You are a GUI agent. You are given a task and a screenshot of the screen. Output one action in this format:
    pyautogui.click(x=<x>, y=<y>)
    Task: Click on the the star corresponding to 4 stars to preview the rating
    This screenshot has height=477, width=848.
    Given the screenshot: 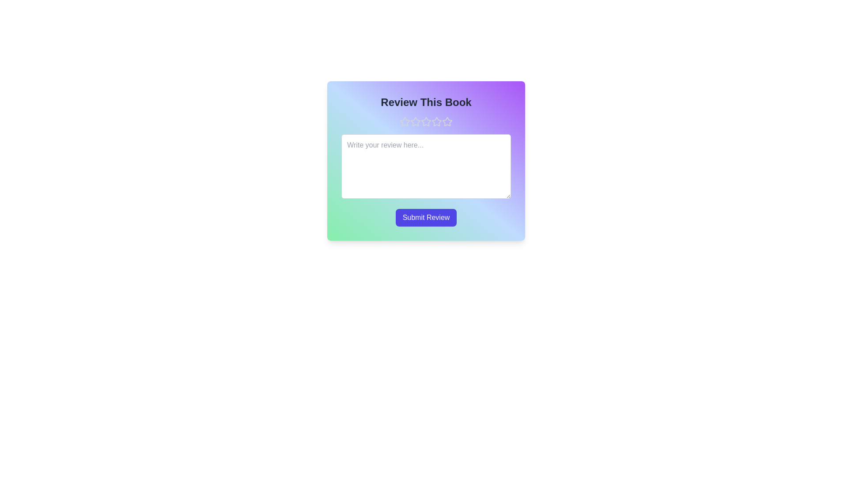 What is the action you would take?
    pyautogui.click(x=436, y=122)
    